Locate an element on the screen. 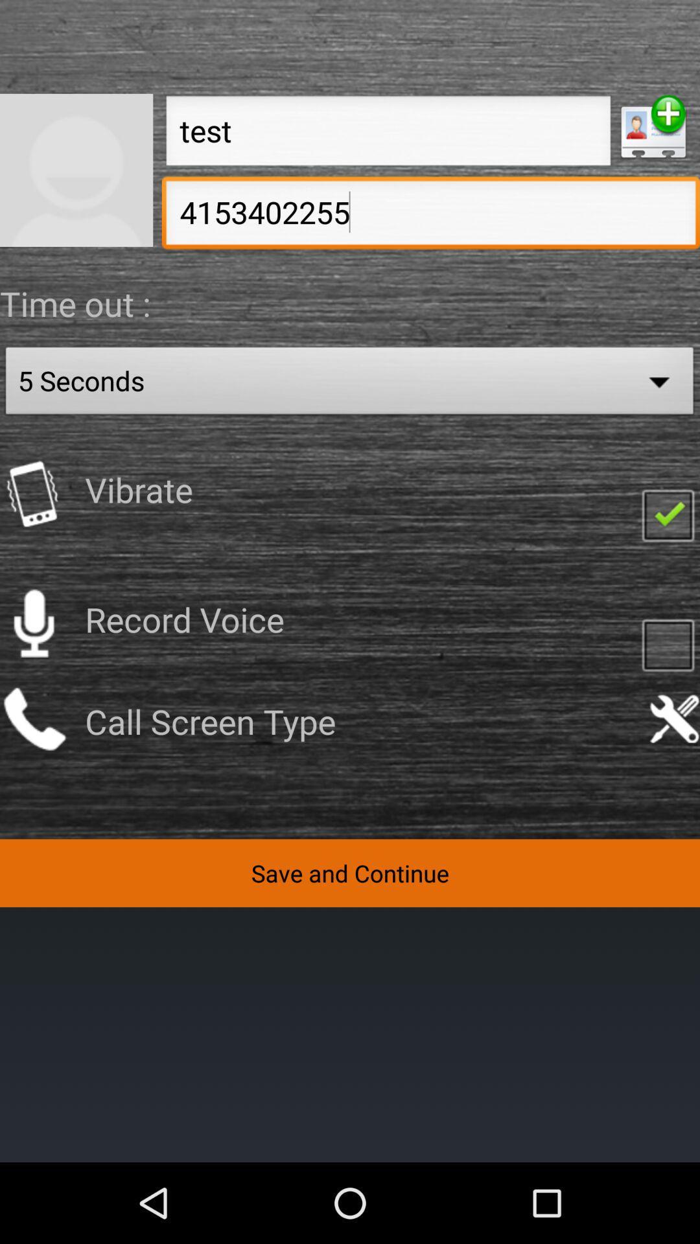 The width and height of the screenshot is (700, 1244). change profile picture is located at coordinates (76, 169).